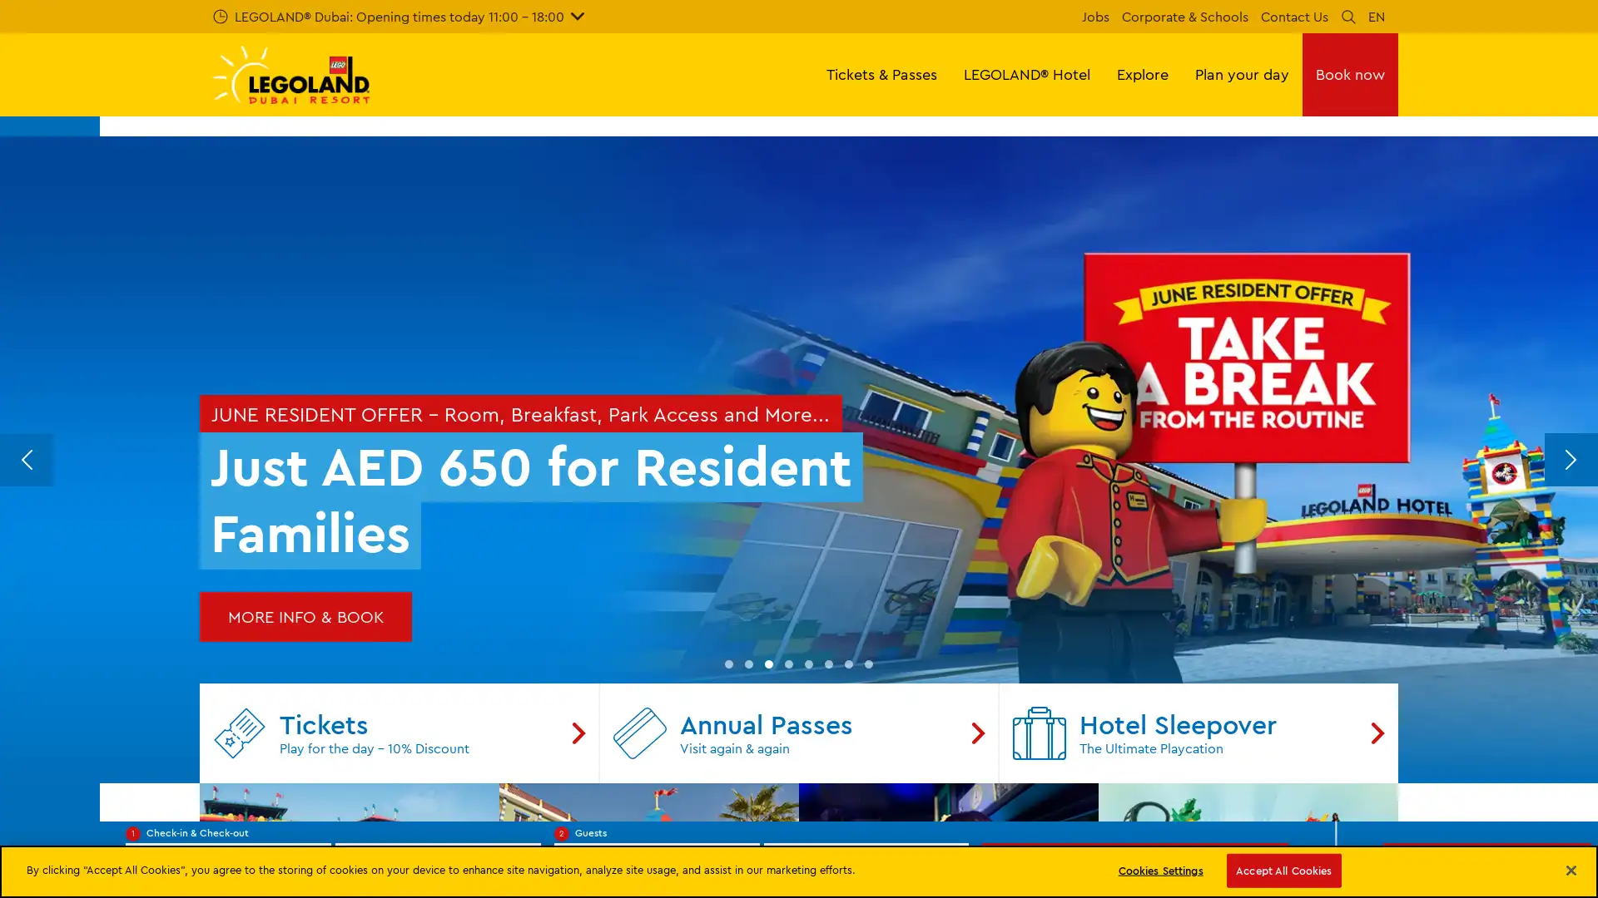  I want to click on Number of children, so click(866, 862).